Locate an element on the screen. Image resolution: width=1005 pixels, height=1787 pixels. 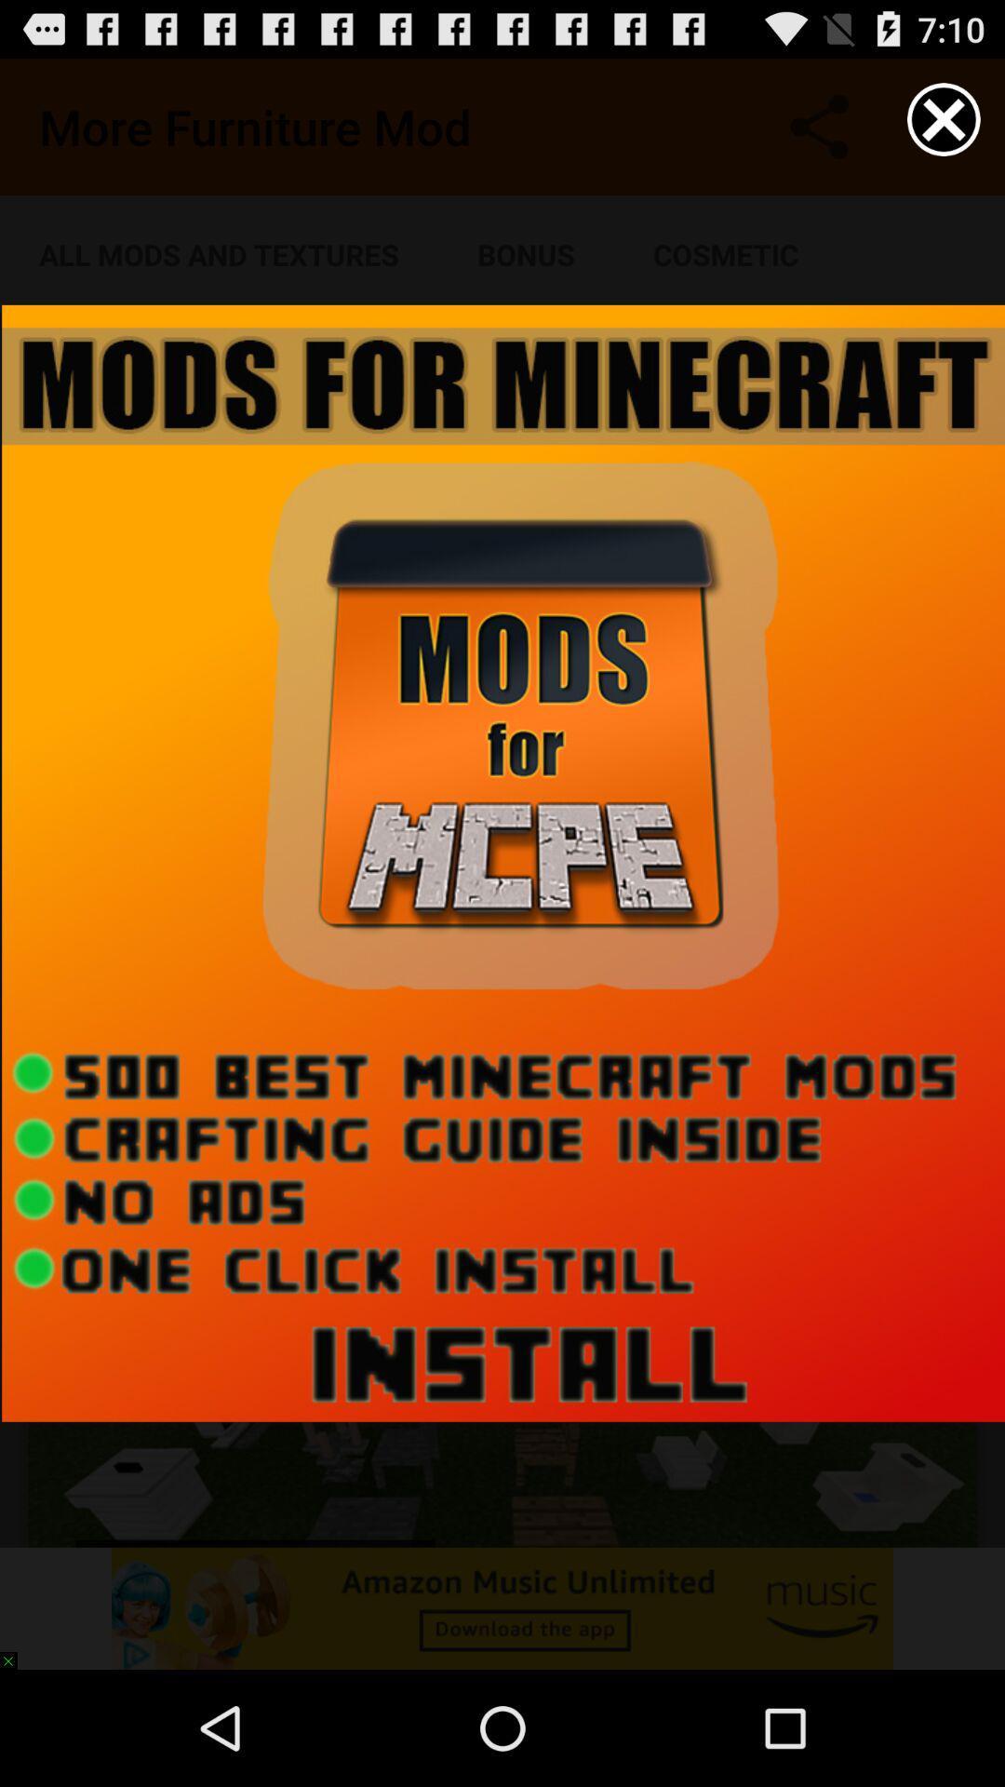
the icon at the bottom left corner is located at coordinates (17, 1652).